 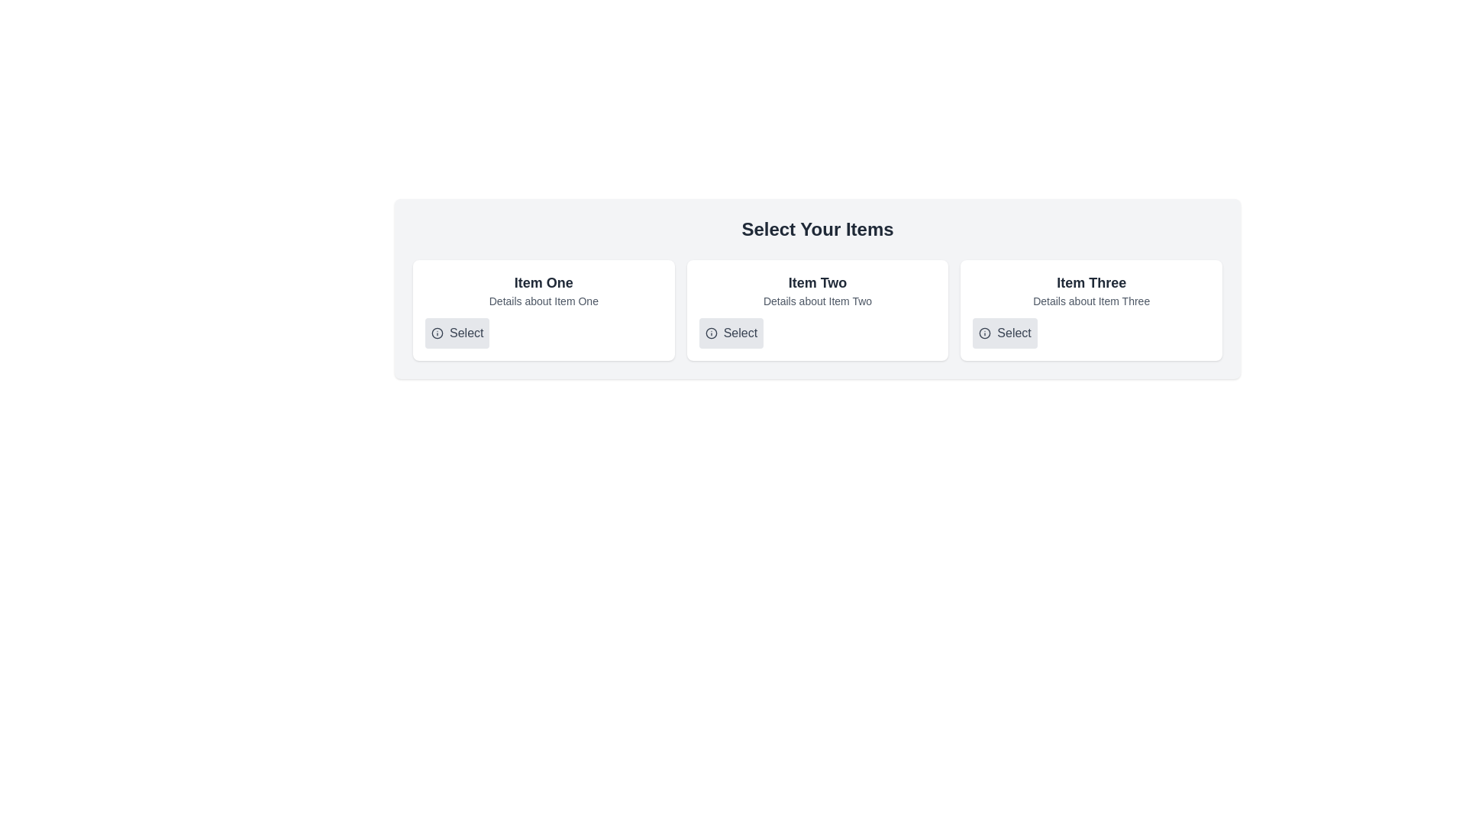 What do you see at coordinates (466, 332) in the screenshot?
I see `the 'Select' label within the button for 'Item One'` at bounding box center [466, 332].